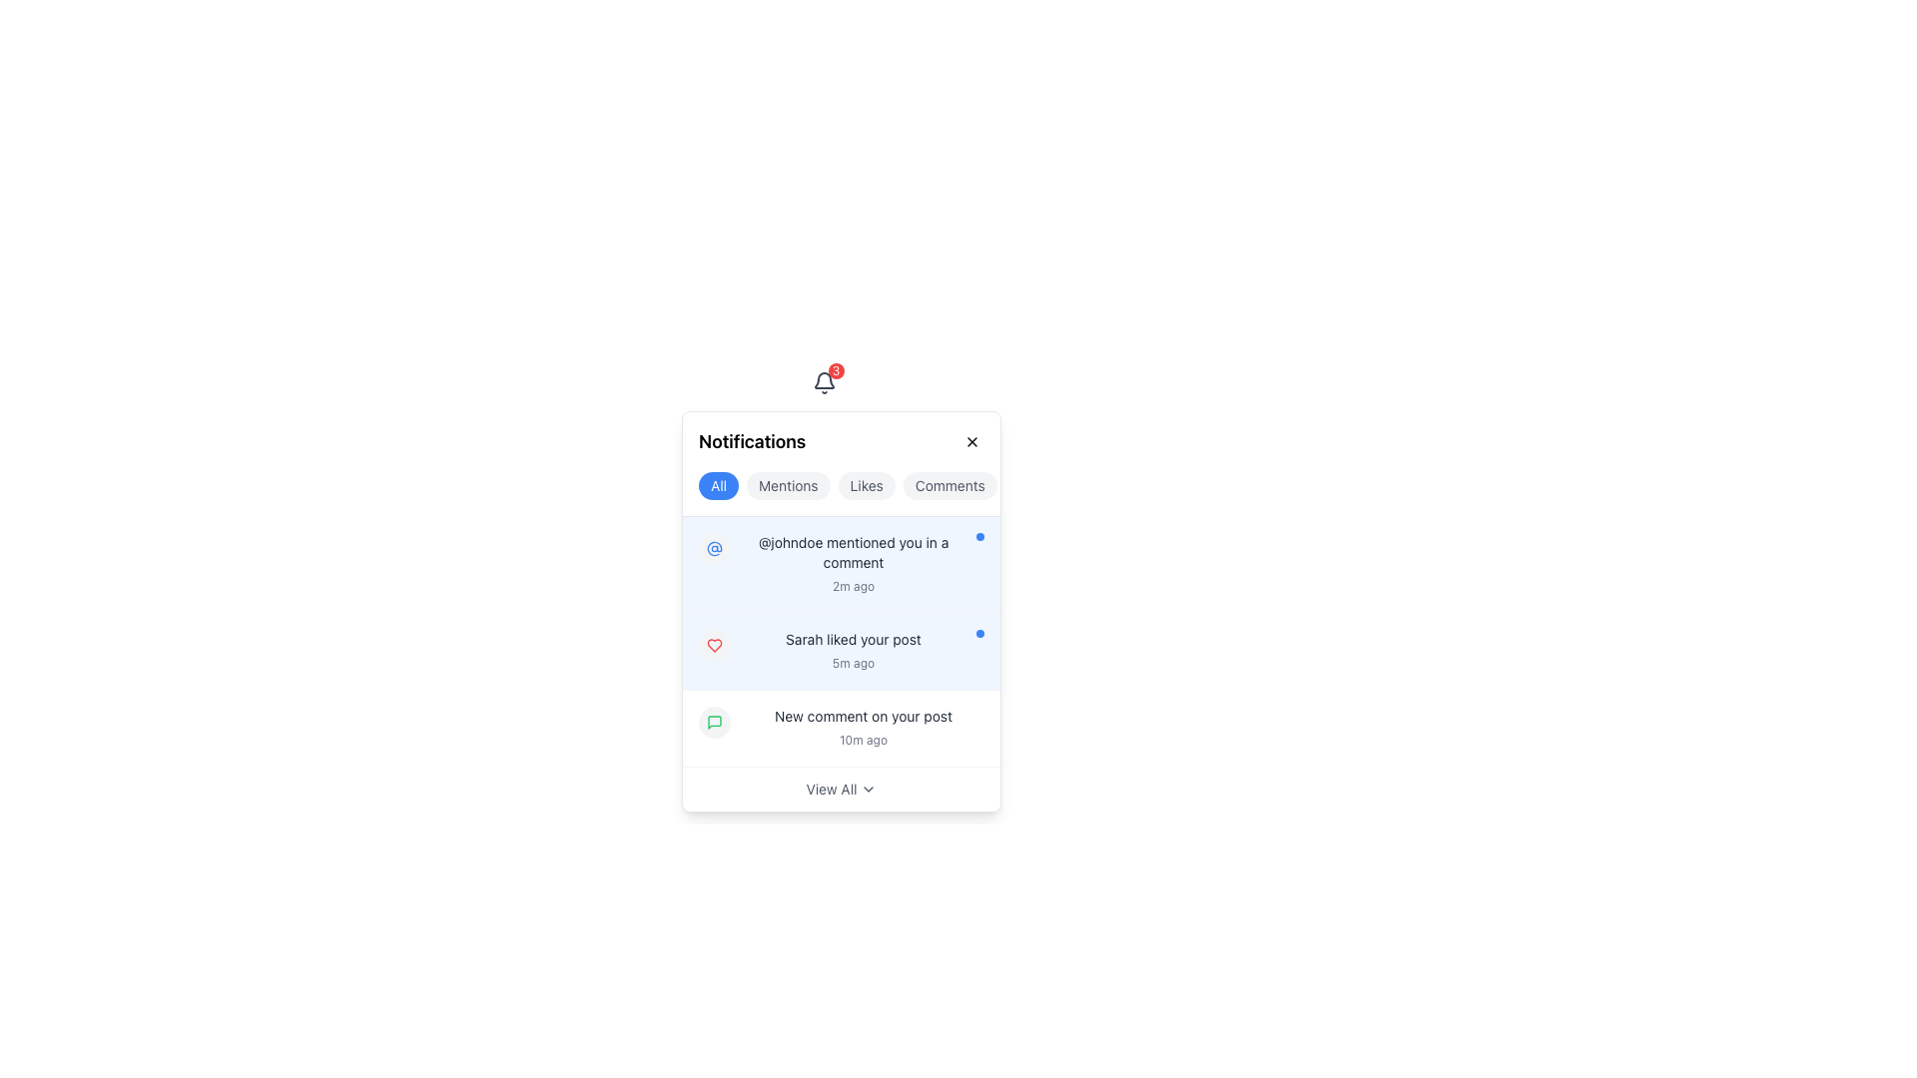 Image resolution: width=1917 pixels, height=1078 pixels. What do you see at coordinates (842, 729) in the screenshot?
I see `the Notification item displaying 'New comment on your post'` at bounding box center [842, 729].